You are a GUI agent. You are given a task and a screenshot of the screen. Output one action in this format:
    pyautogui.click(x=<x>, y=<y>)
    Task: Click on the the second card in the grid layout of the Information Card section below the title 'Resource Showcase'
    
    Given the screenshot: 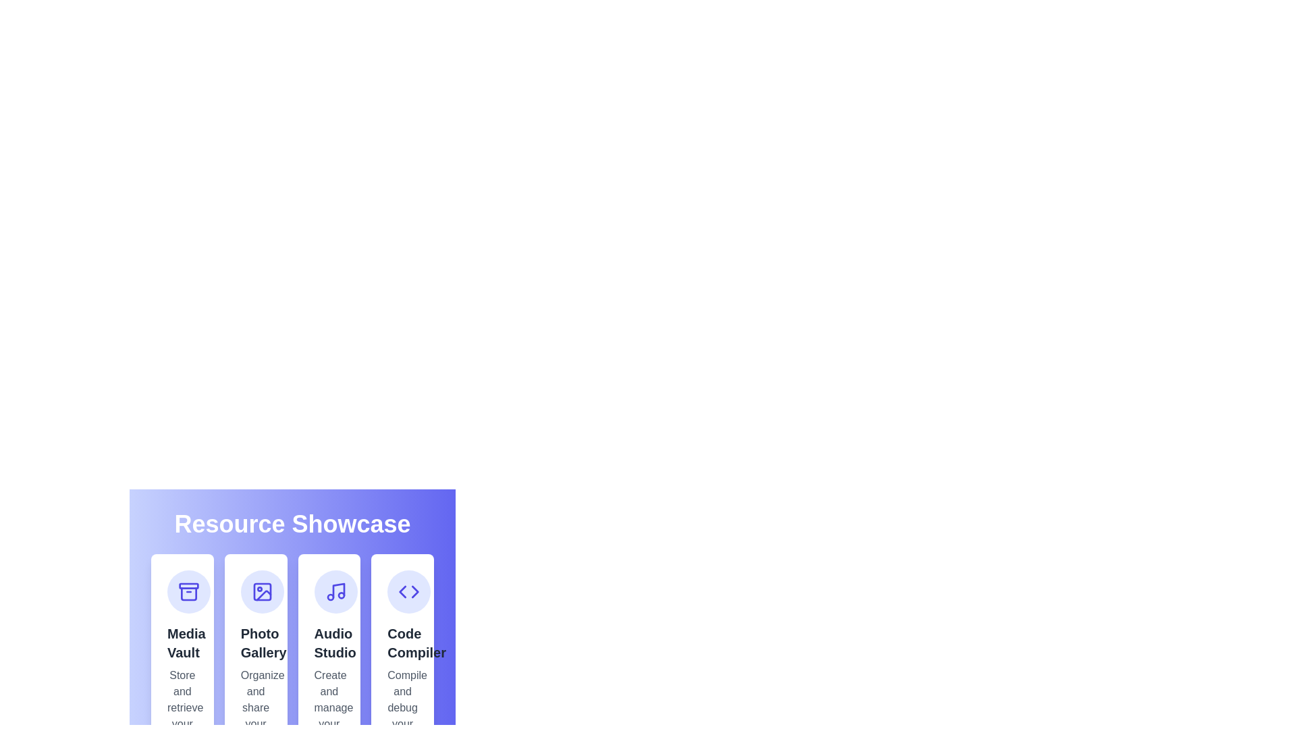 What is the action you would take?
    pyautogui.click(x=292, y=598)
    